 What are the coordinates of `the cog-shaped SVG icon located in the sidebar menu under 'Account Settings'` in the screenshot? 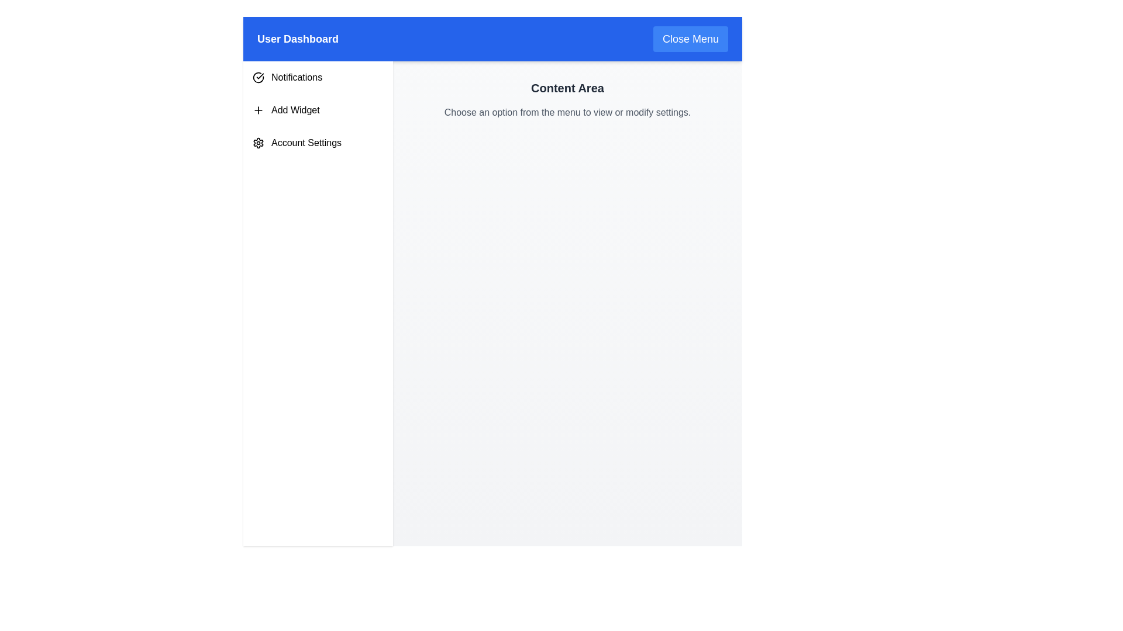 It's located at (257, 143).